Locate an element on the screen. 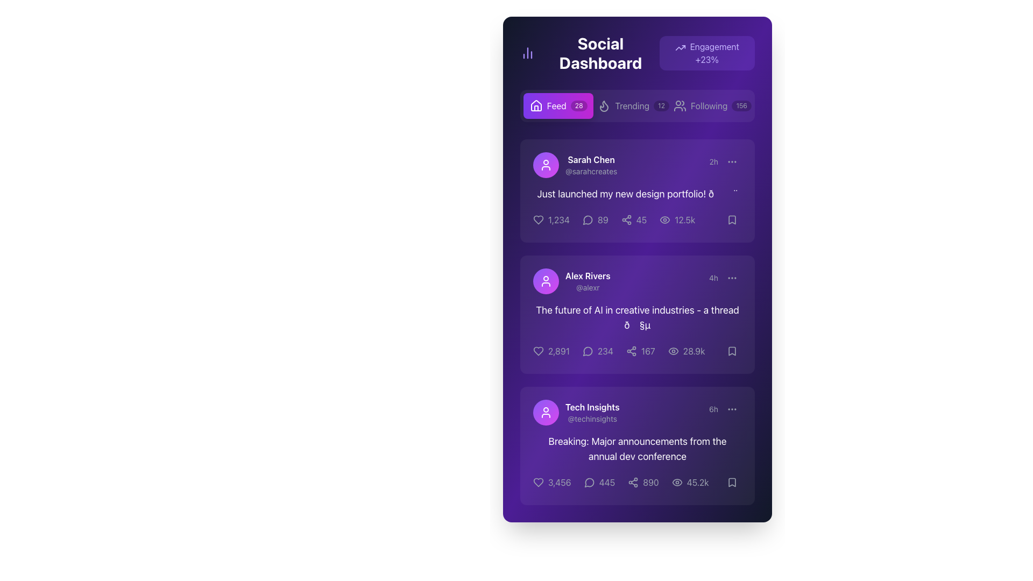 Image resolution: width=1033 pixels, height=581 pixels. the violet bar chart icon located to the left of the 'Social Dashboard' text in the header section is located at coordinates (528, 53).